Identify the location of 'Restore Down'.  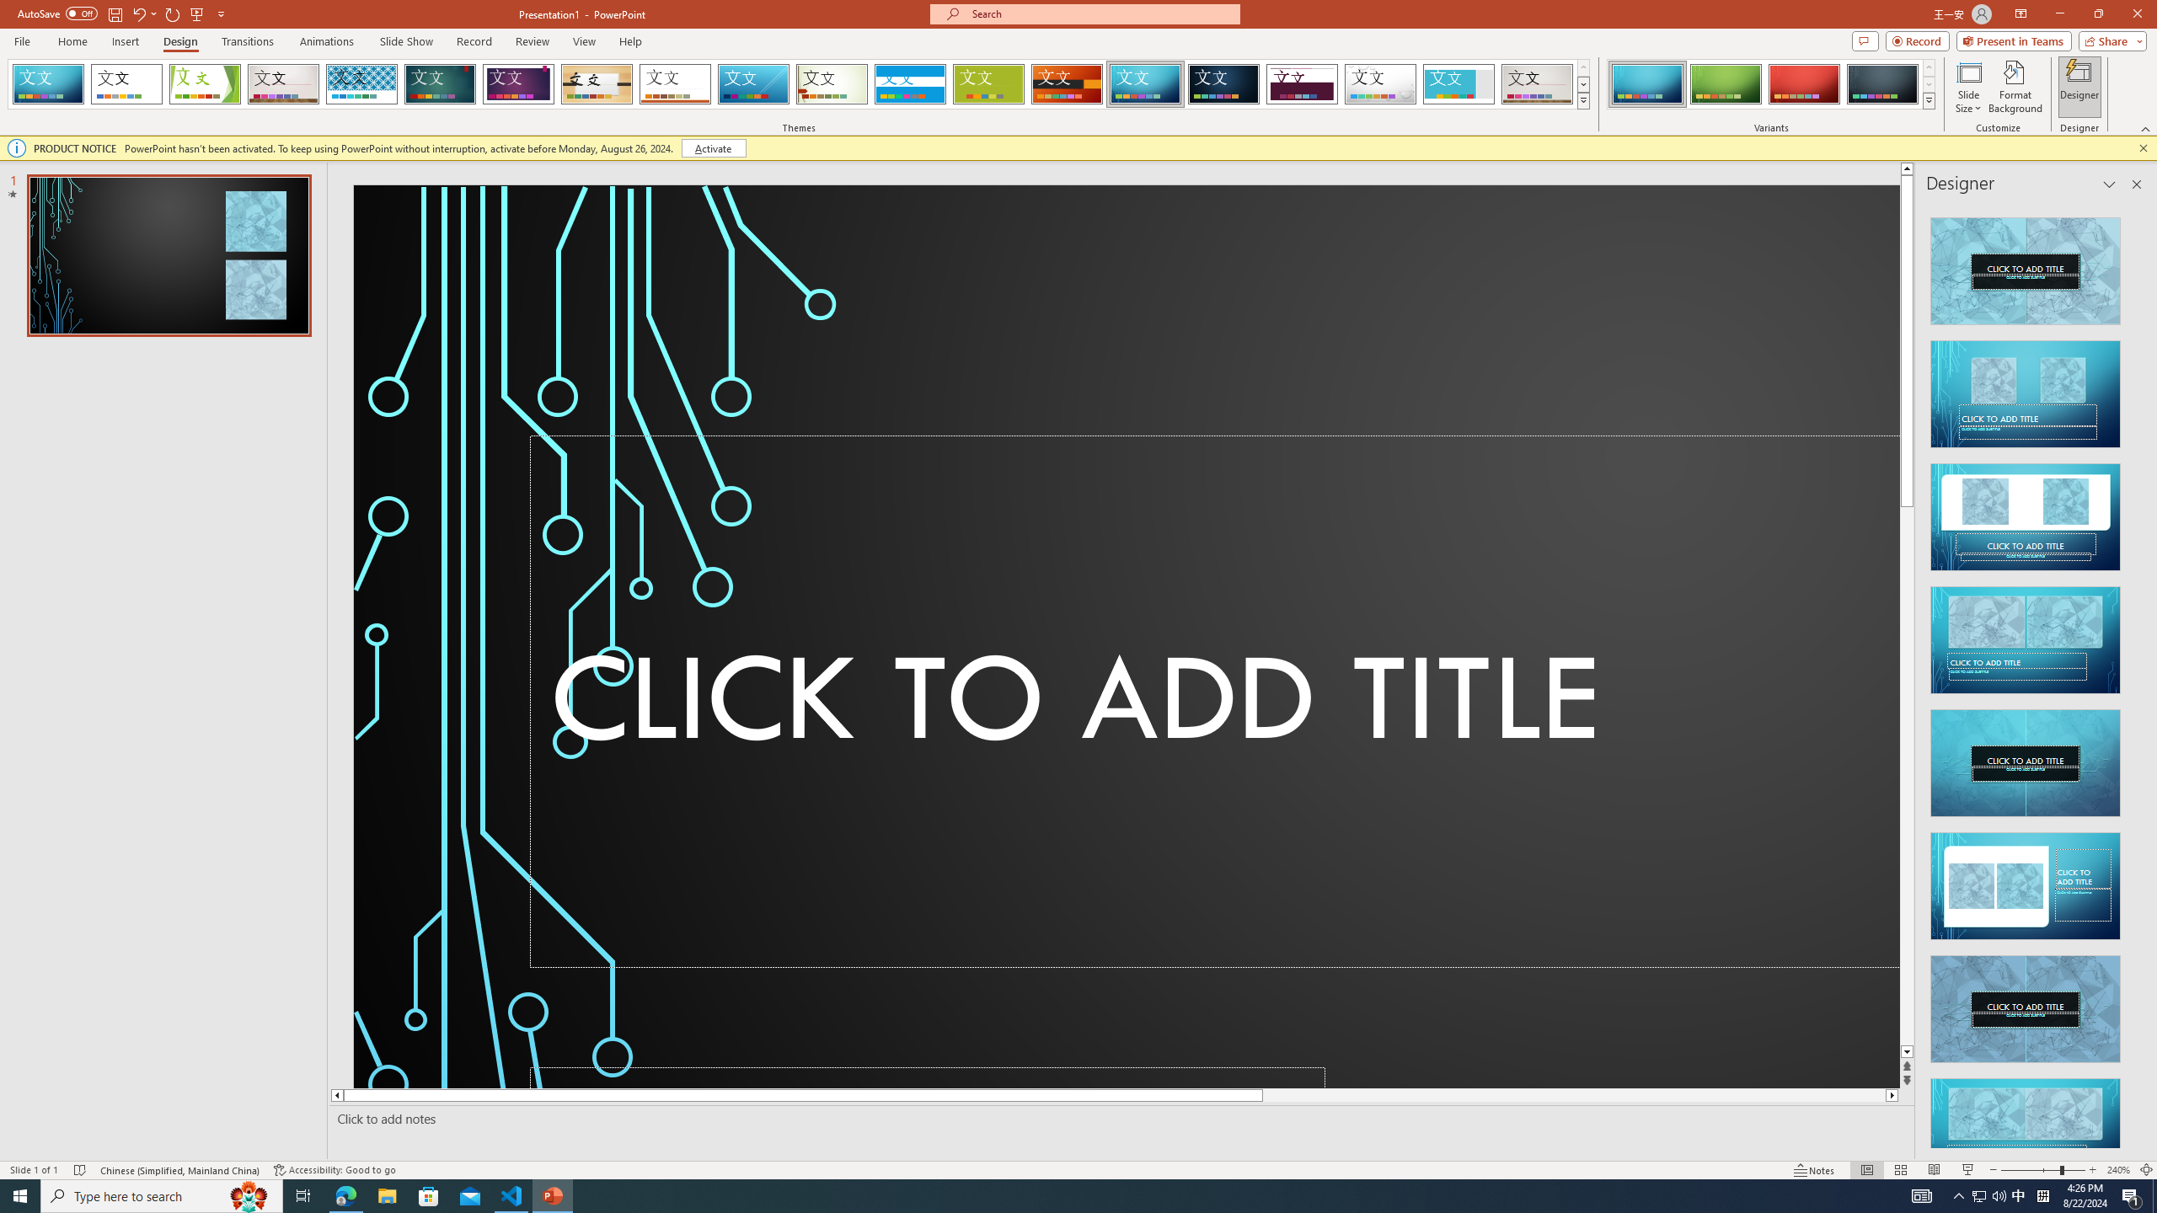
(2098, 13).